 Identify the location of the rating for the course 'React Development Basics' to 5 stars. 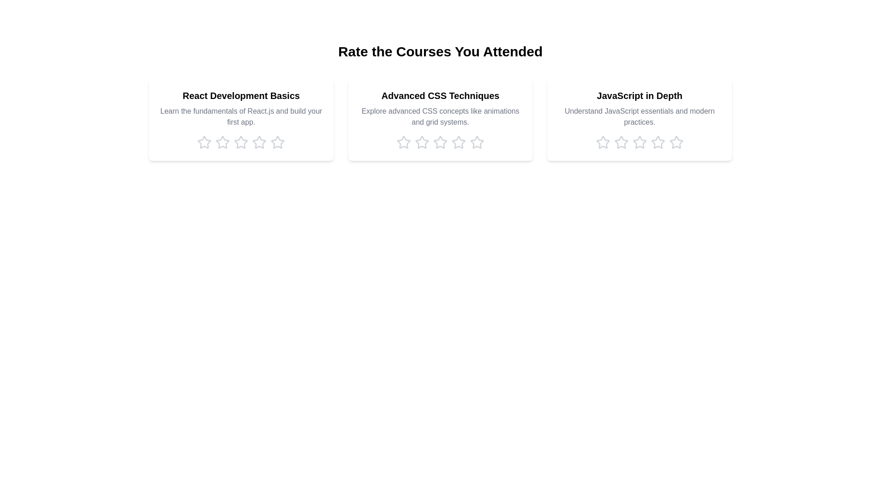
(277, 143).